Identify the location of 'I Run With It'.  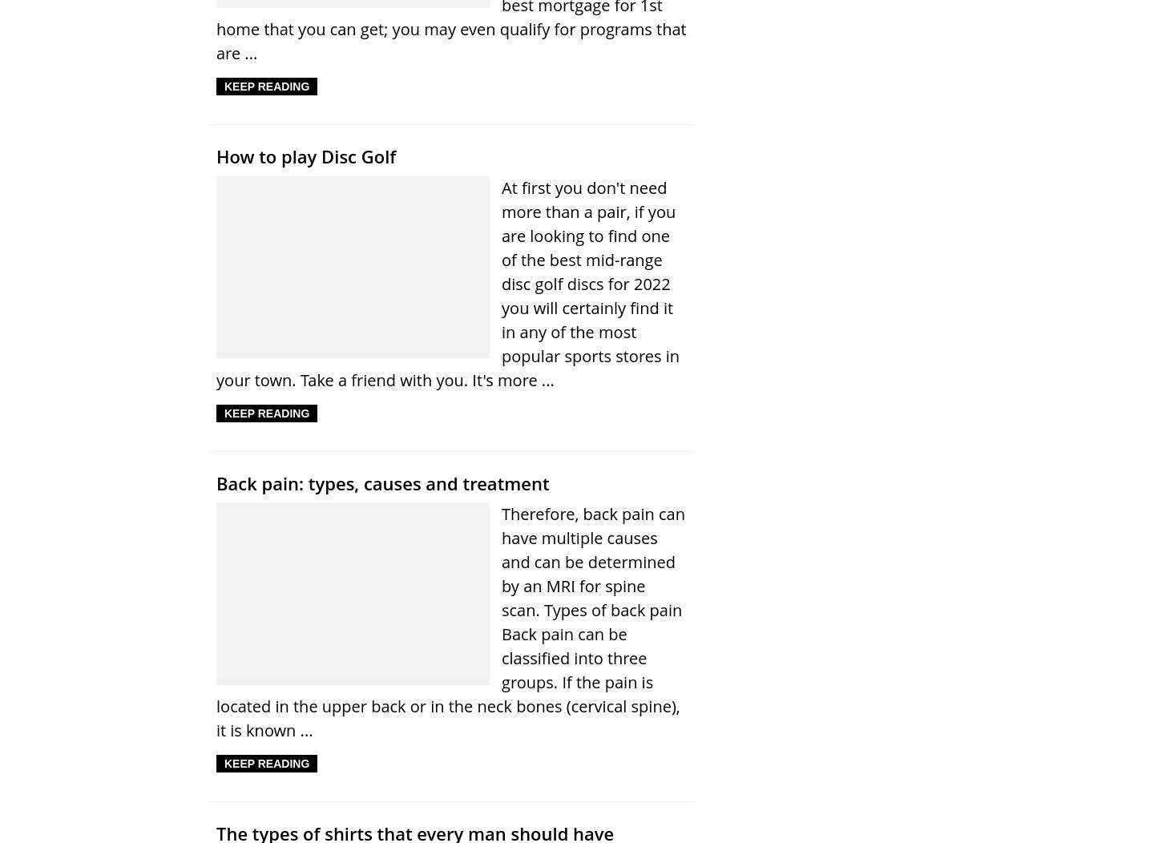
(216, 235).